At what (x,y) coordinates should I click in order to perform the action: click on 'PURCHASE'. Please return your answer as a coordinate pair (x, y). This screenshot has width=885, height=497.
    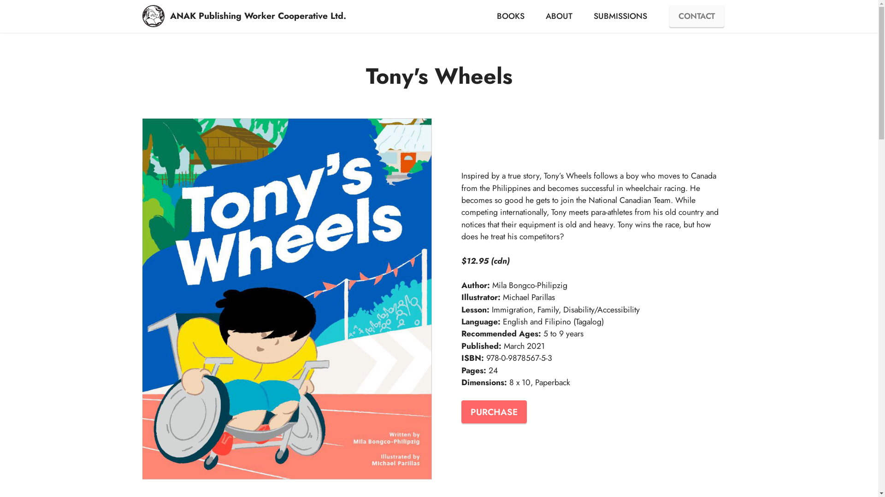
    Looking at the image, I should click on (460, 411).